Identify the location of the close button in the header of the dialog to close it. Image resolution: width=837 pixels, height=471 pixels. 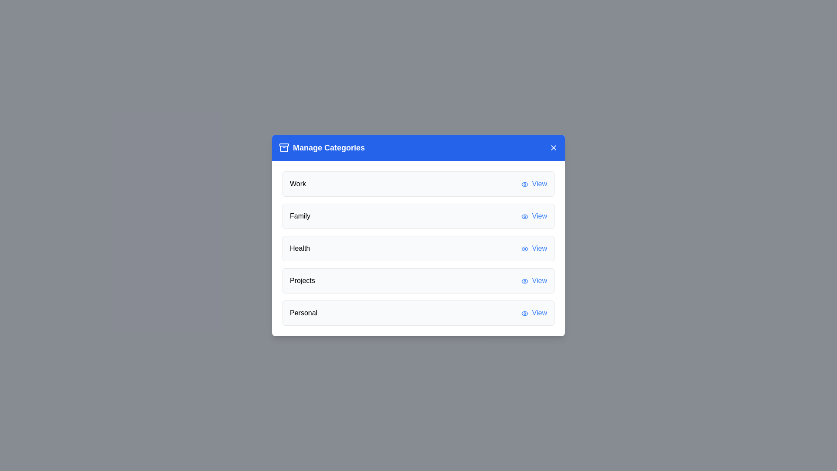
(553, 147).